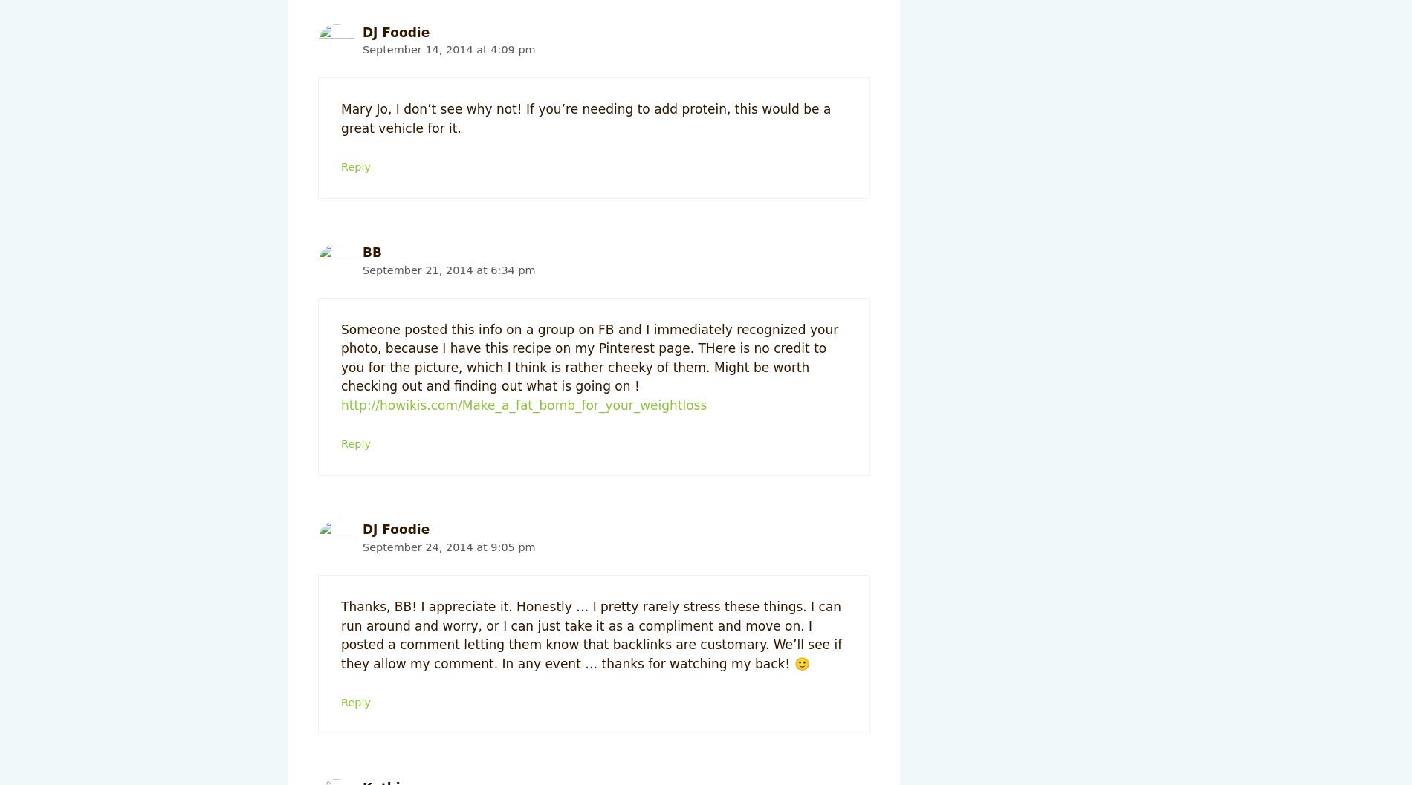 The image size is (1412, 785). I want to click on 'BB', so click(362, 253).